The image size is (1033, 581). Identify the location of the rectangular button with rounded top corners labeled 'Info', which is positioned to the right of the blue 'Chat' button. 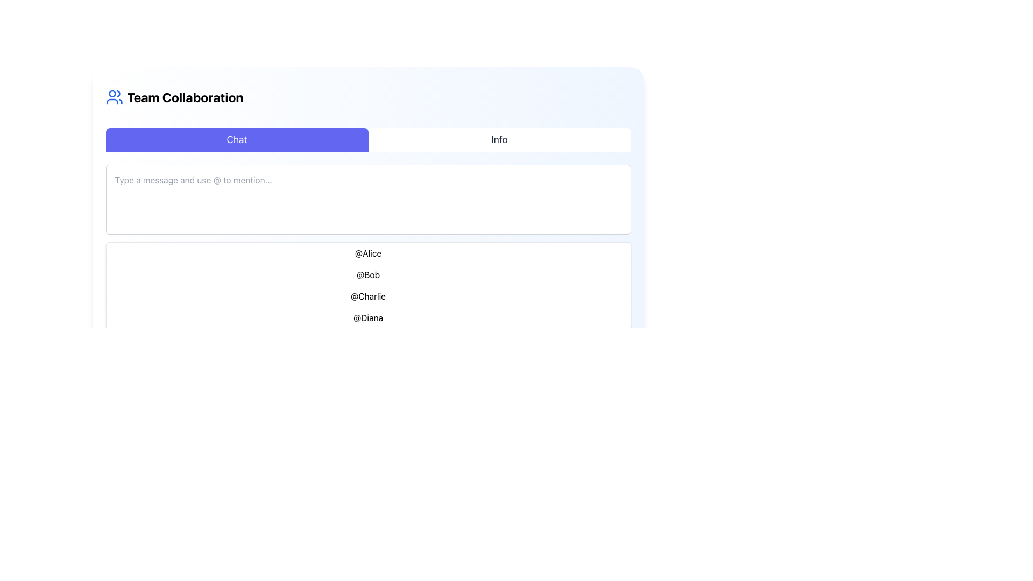
(499, 139).